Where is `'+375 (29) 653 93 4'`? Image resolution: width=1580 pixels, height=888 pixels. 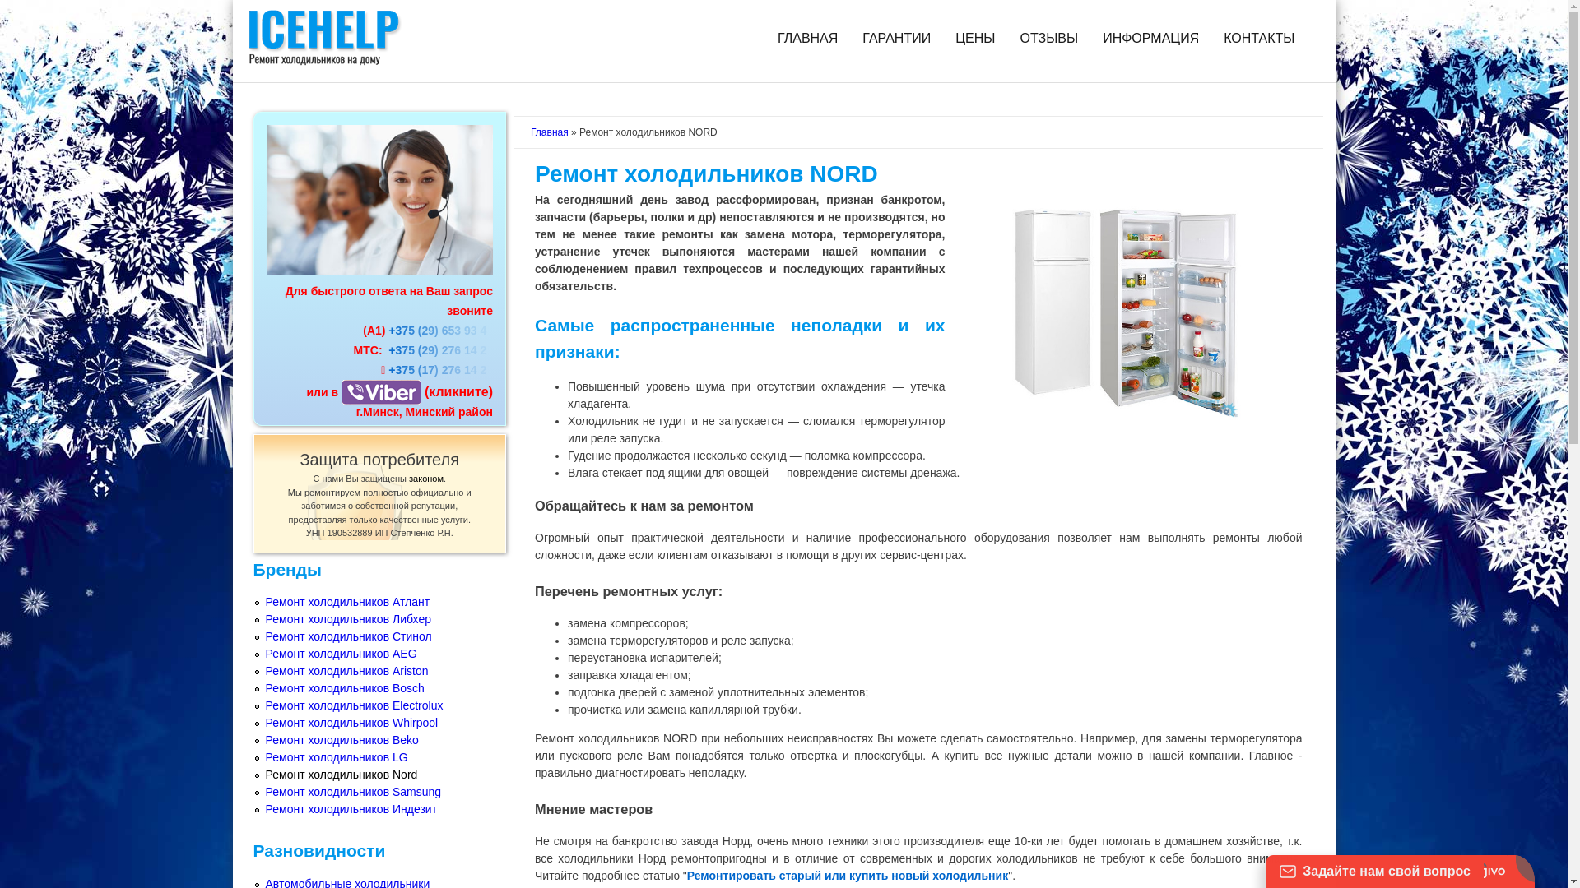 '+375 (29) 653 93 4' is located at coordinates (439, 330).